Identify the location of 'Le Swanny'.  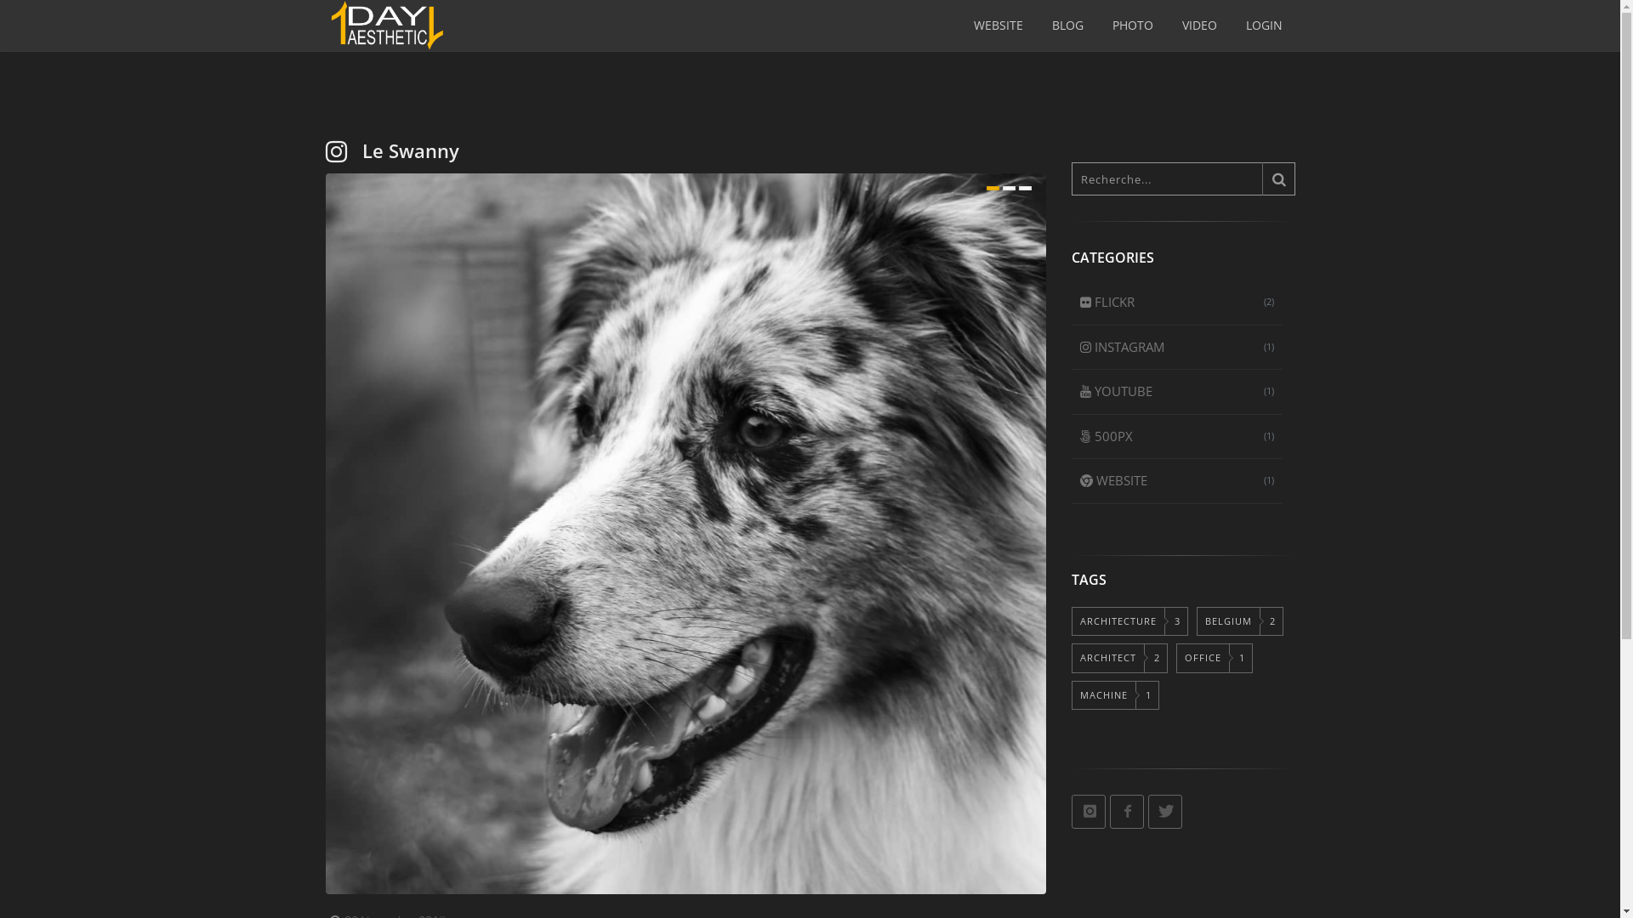
(411, 150).